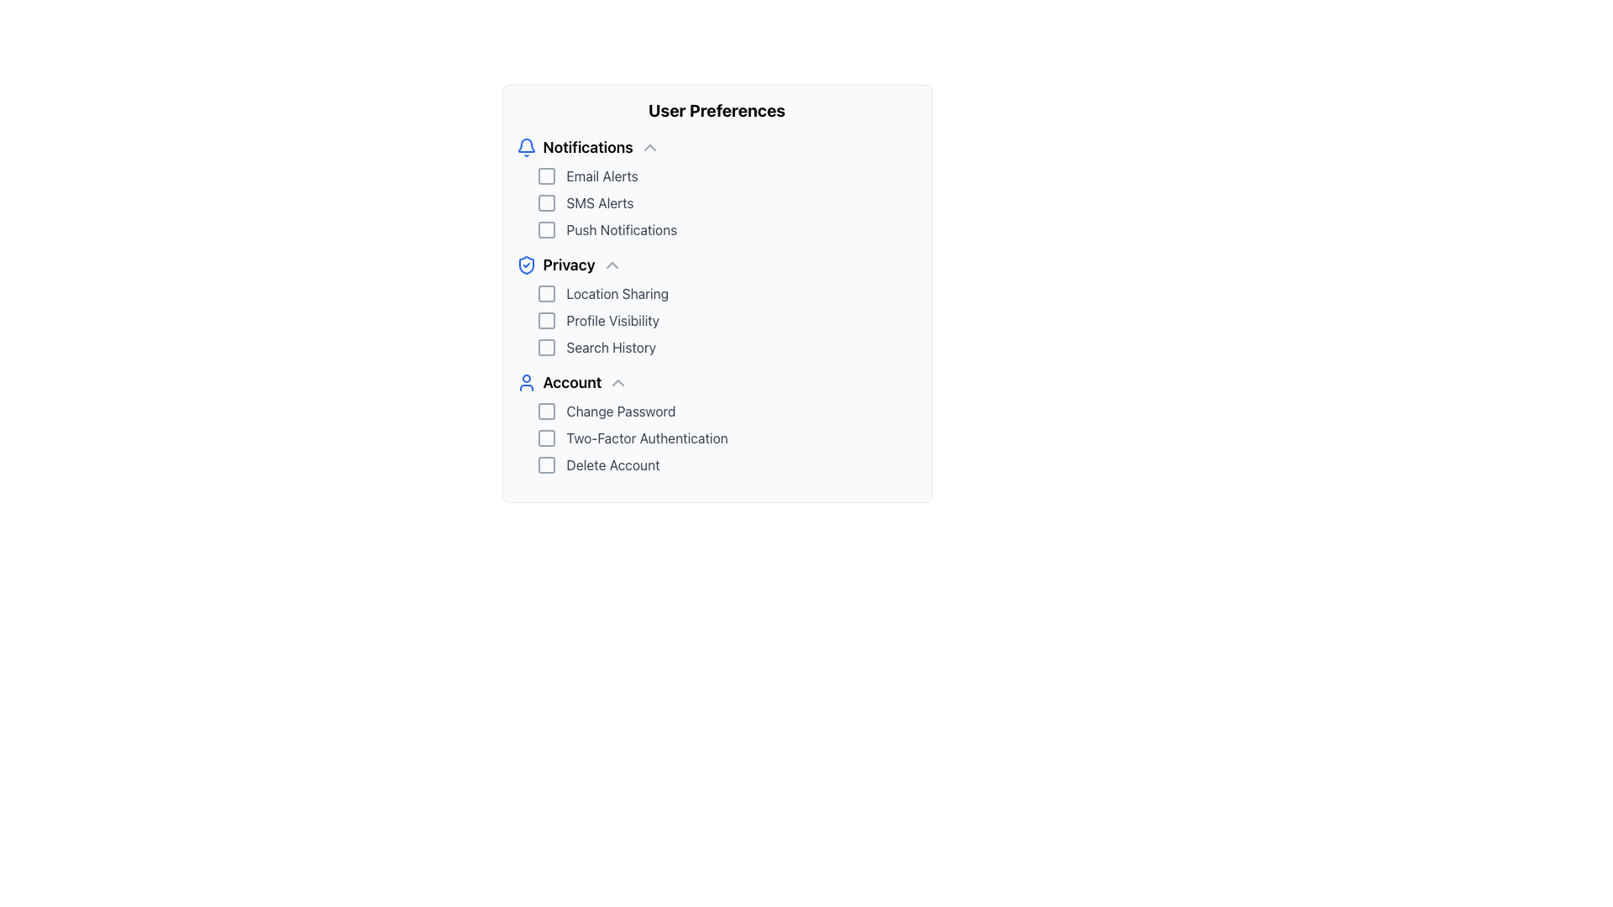  What do you see at coordinates (546, 465) in the screenshot?
I see `the interactive checkbox for the 'Delete Account' option` at bounding box center [546, 465].